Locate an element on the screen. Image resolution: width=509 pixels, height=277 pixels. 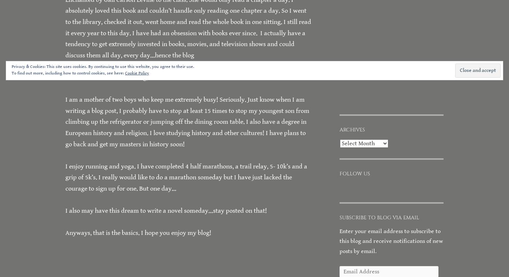
'I also may have this dream to write a novel someday…stay posted on that!' is located at coordinates (166, 210).